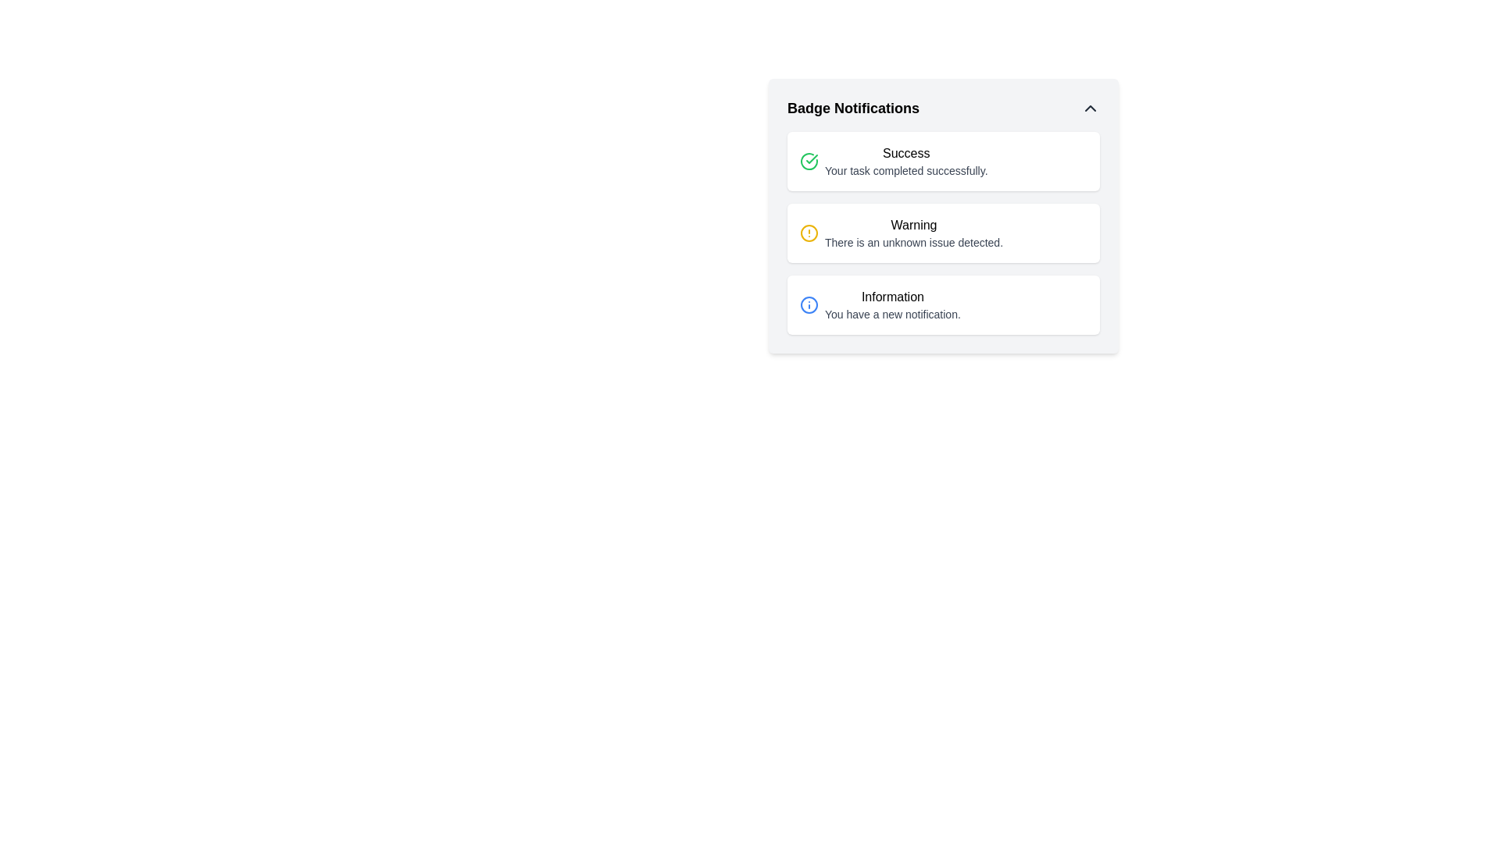 This screenshot has width=1500, height=843. I want to click on the notification details by clicking on the Notification block containing three vertically stacked cards that display system alerts, so click(943, 233).